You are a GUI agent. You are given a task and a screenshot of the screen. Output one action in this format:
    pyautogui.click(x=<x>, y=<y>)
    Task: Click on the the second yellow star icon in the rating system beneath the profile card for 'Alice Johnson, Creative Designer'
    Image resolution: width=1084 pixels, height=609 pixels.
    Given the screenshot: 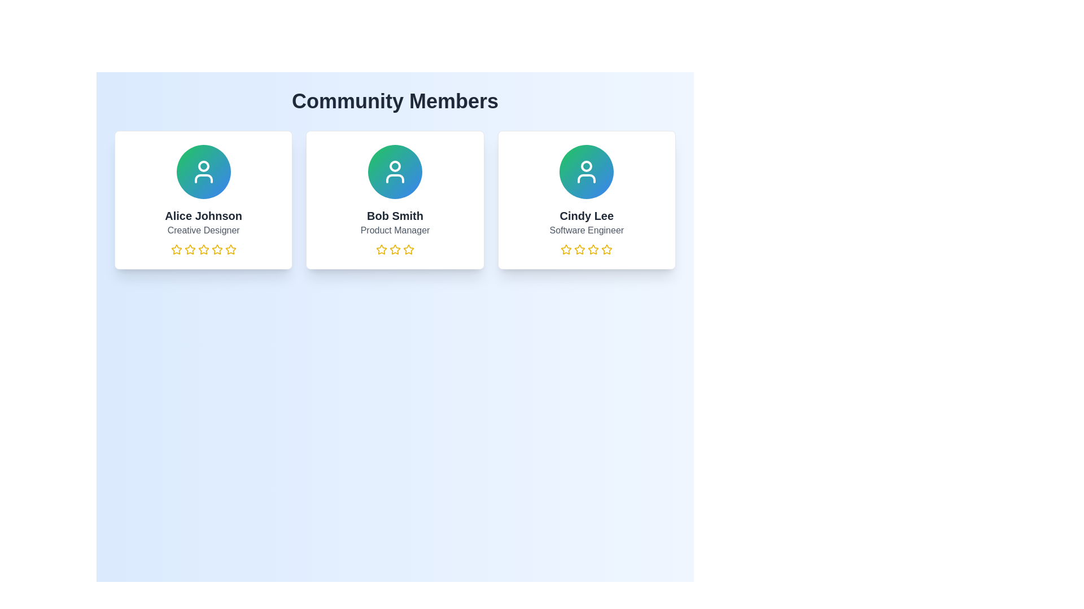 What is the action you would take?
    pyautogui.click(x=190, y=249)
    